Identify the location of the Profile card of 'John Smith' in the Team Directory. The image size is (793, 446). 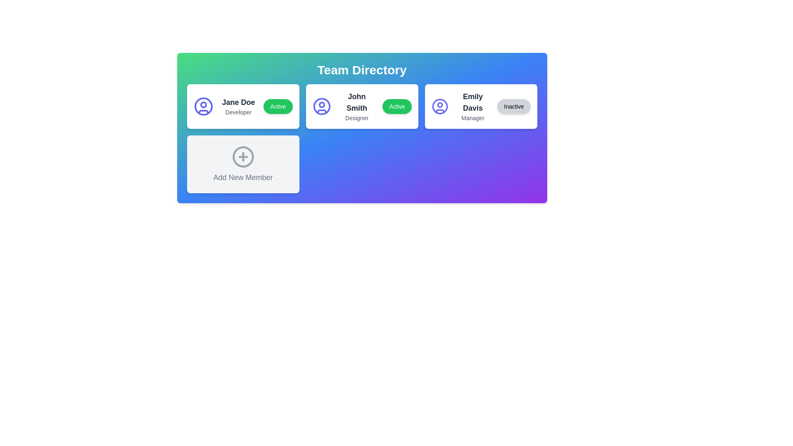
(362, 106).